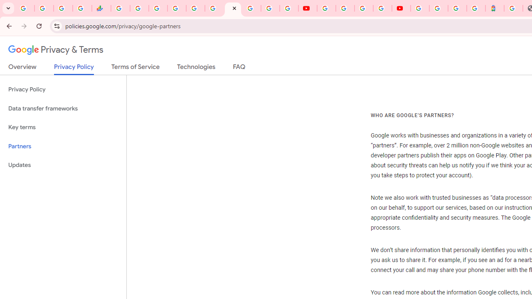 Image resolution: width=532 pixels, height=299 pixels. Describe the element at coordinates (401, 8) in the screenshot. I see `'Content Creator Programs & Opportunities - YouTube Creators'` at that location.